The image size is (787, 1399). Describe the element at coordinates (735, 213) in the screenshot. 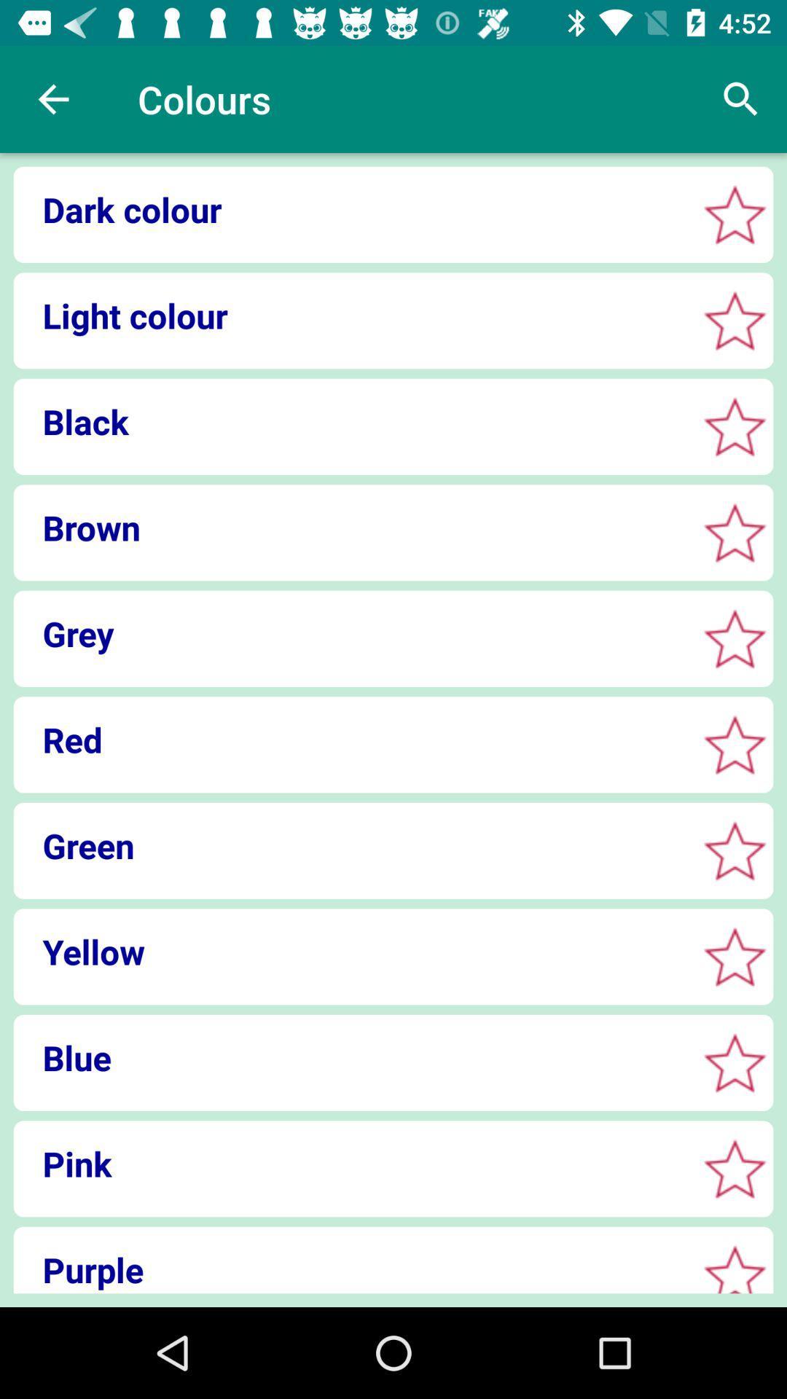

I see `star` at that location.